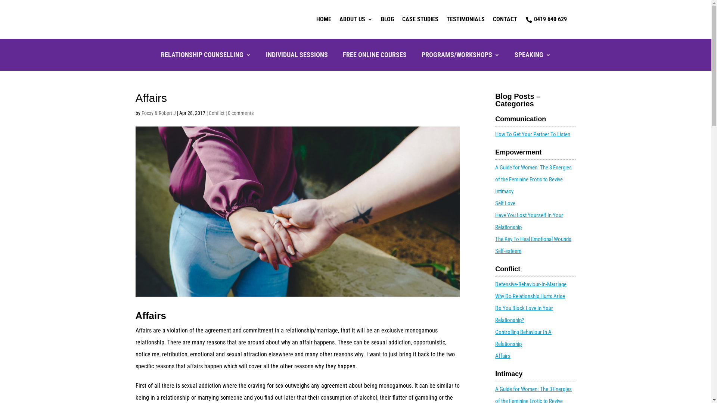 The height and width of the screenshot is (403, 717). What do you see at coordinates (355, 19) in the screenshot?
I see `'ABOUT US'` at bounding box center [355, 19].